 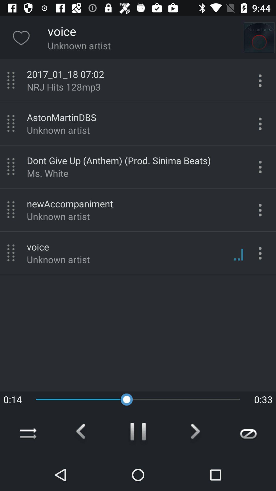 What do you see at coordinates (83, 433) in the screenshot?
I see `the arrow_backward icon` at bounding box center [83, 433].